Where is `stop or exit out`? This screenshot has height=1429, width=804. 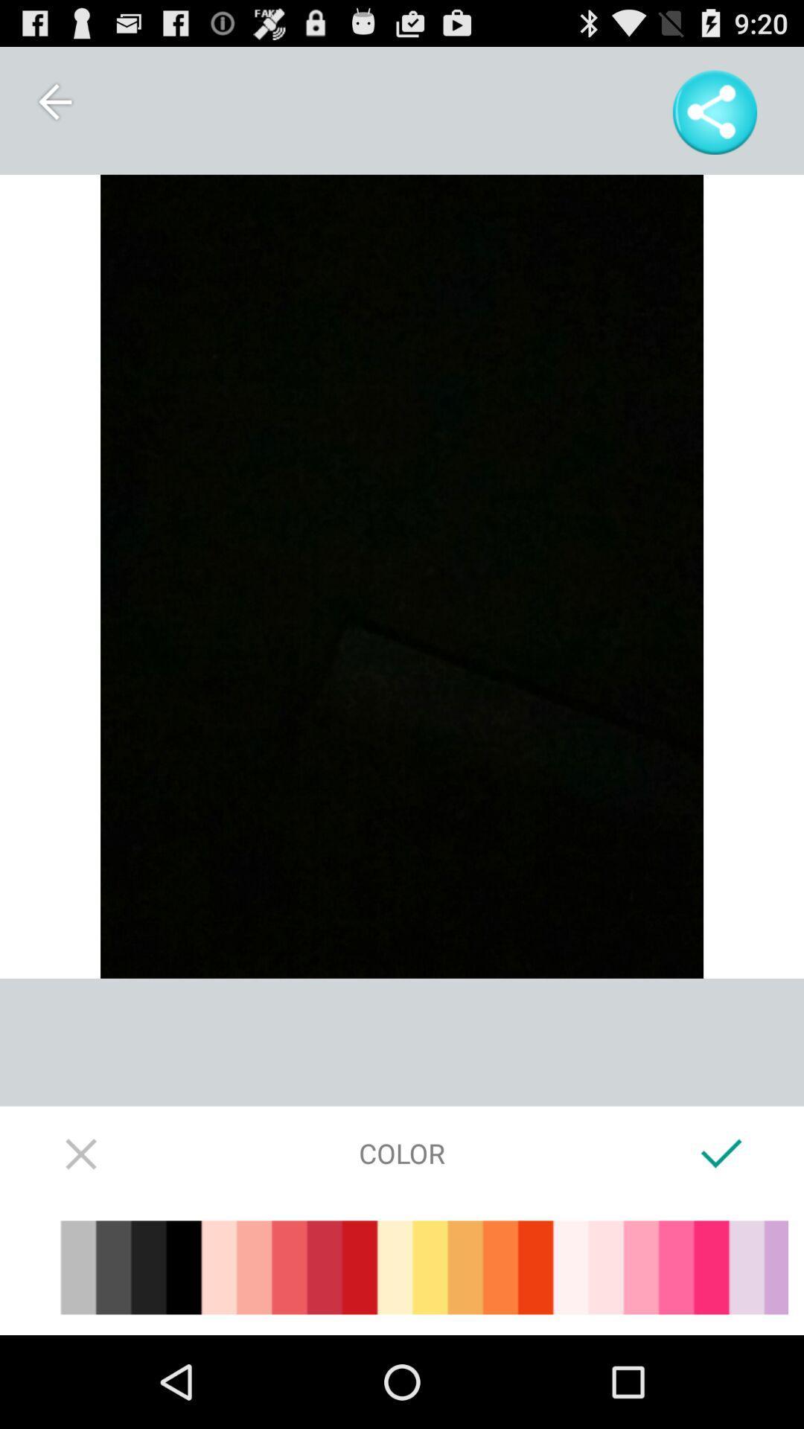 stop or exit out is located at coordinates (82, 1152).